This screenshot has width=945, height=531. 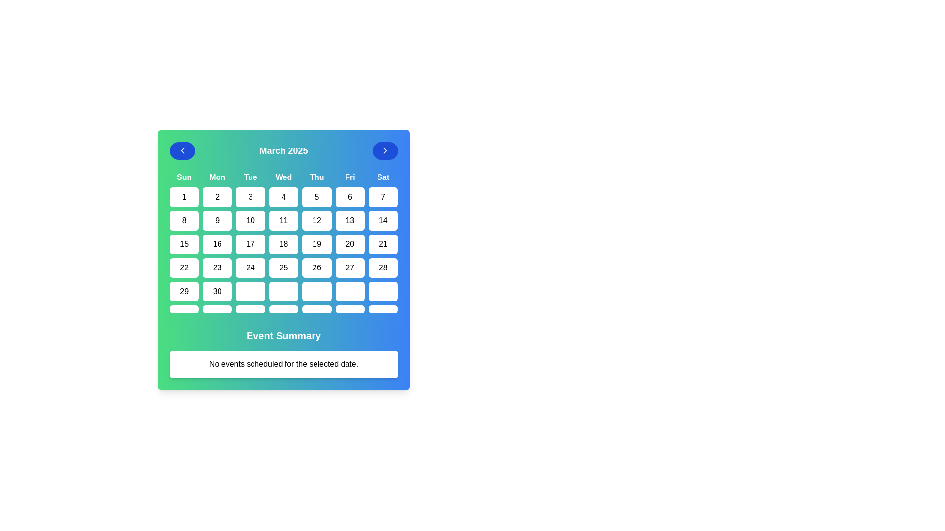 I want to click on the calendar date selection button located, so click(x=349, y=291).